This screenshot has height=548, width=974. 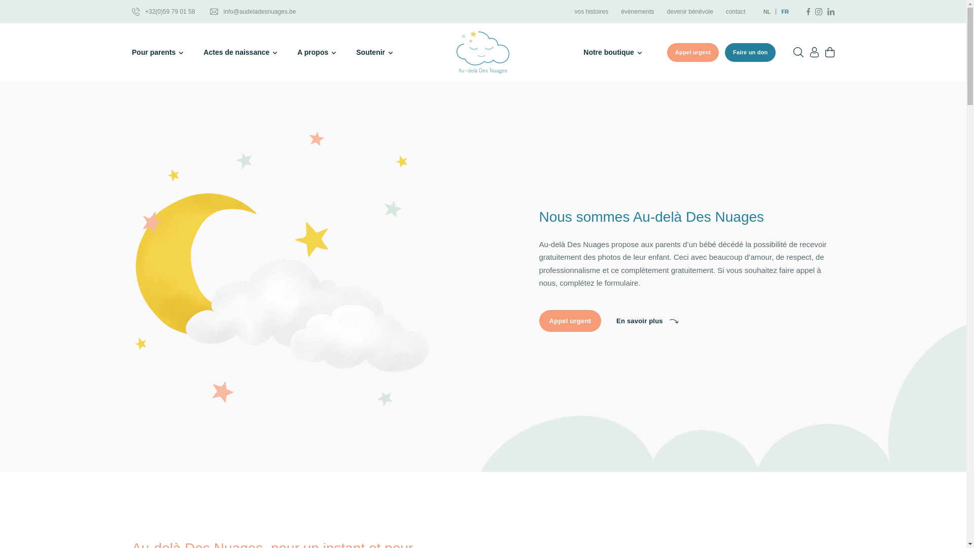 I want to click on 'Pour parents', so click(x=131, y=52).